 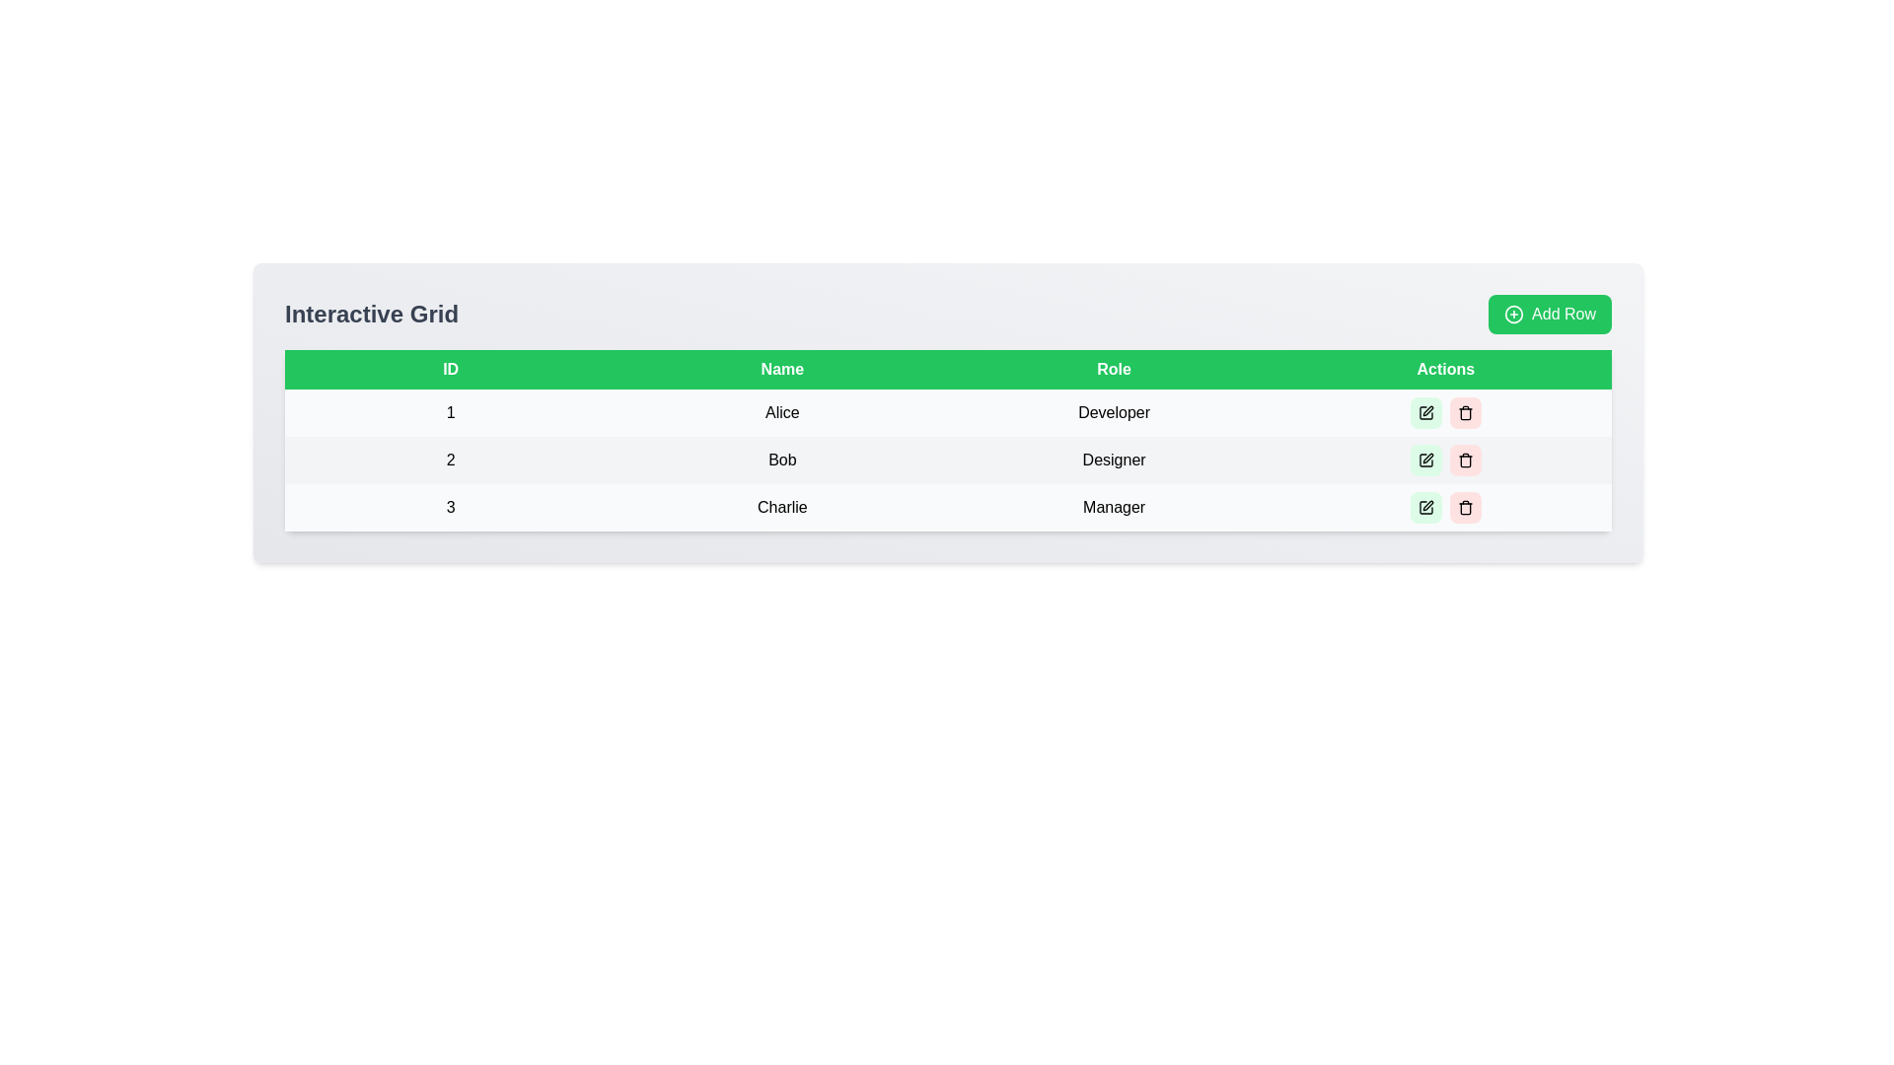 I want to click on the square button with a light-green background and a pen icon located in the 'Actions' column of the 'Interactive Grid' table for the 'Manager' role, so click(x=1425, y=507).